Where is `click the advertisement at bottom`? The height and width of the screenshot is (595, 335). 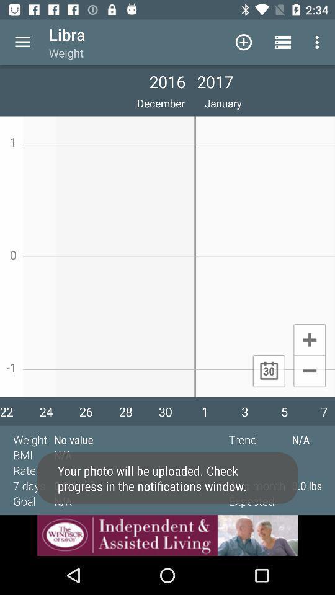
click the advertisement at bottom is located at coordinates (167, 535).